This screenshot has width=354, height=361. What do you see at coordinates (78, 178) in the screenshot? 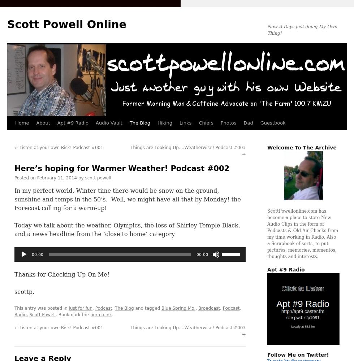
I see `'by'` at bounding box center [78, 178].